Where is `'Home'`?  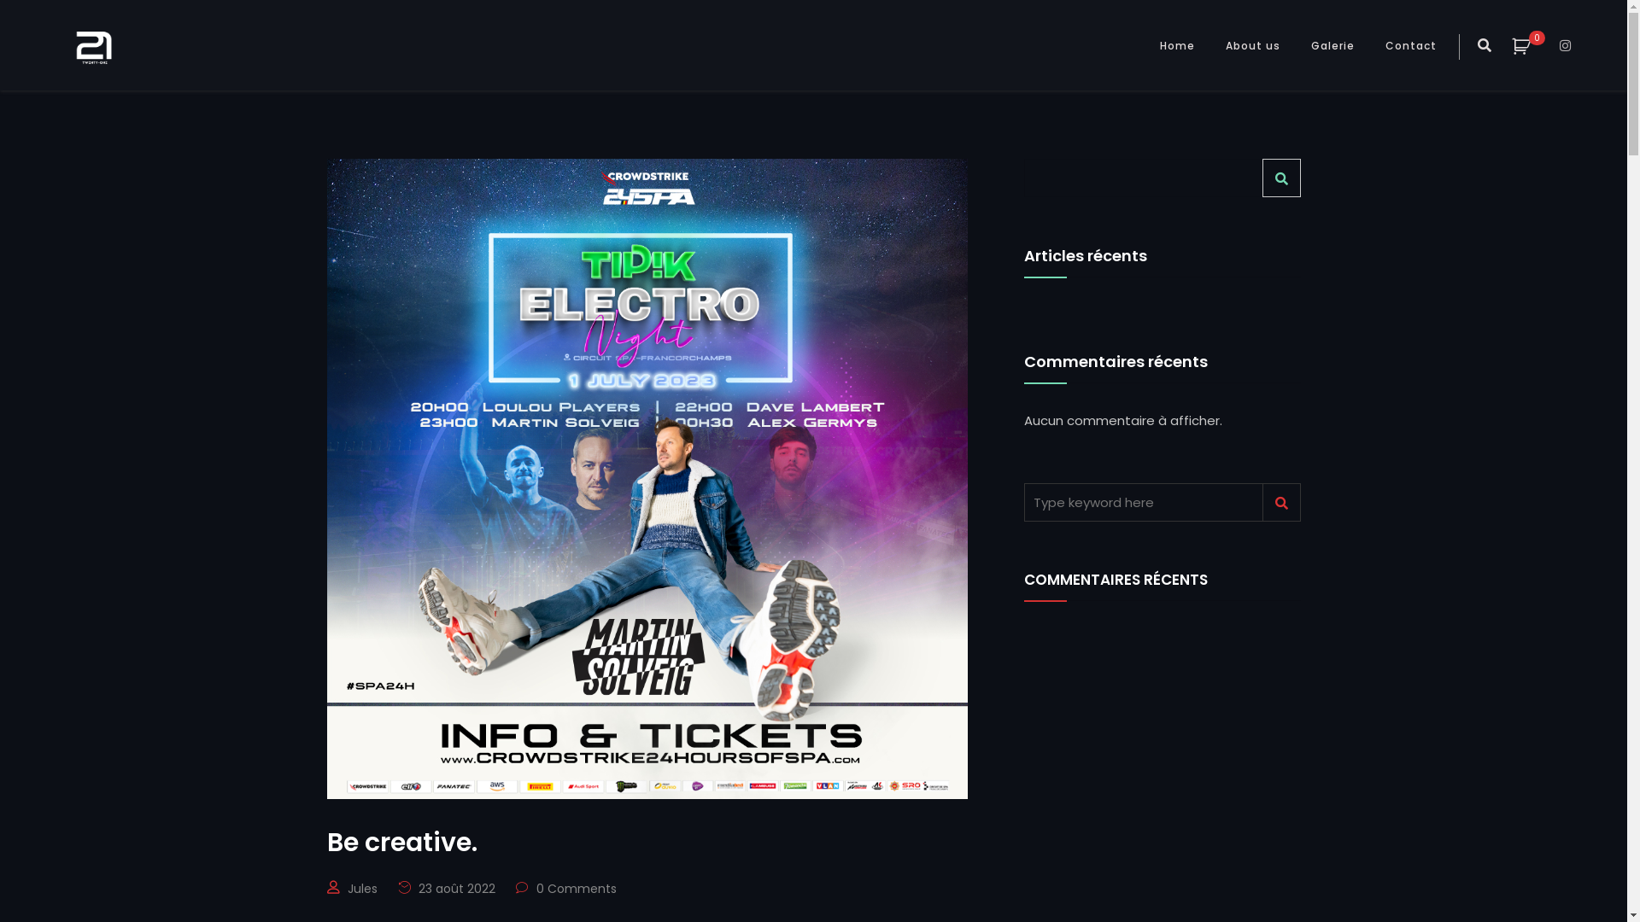
'Home' is located at coordinates (1176, 44).